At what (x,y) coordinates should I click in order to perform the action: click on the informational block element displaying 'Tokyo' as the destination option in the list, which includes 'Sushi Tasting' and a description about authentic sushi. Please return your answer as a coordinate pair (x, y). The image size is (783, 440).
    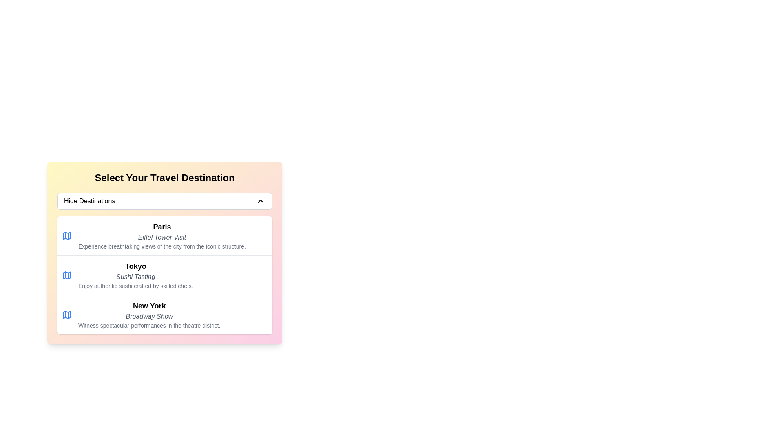
    Looking at the image, I should click on (135, 275).